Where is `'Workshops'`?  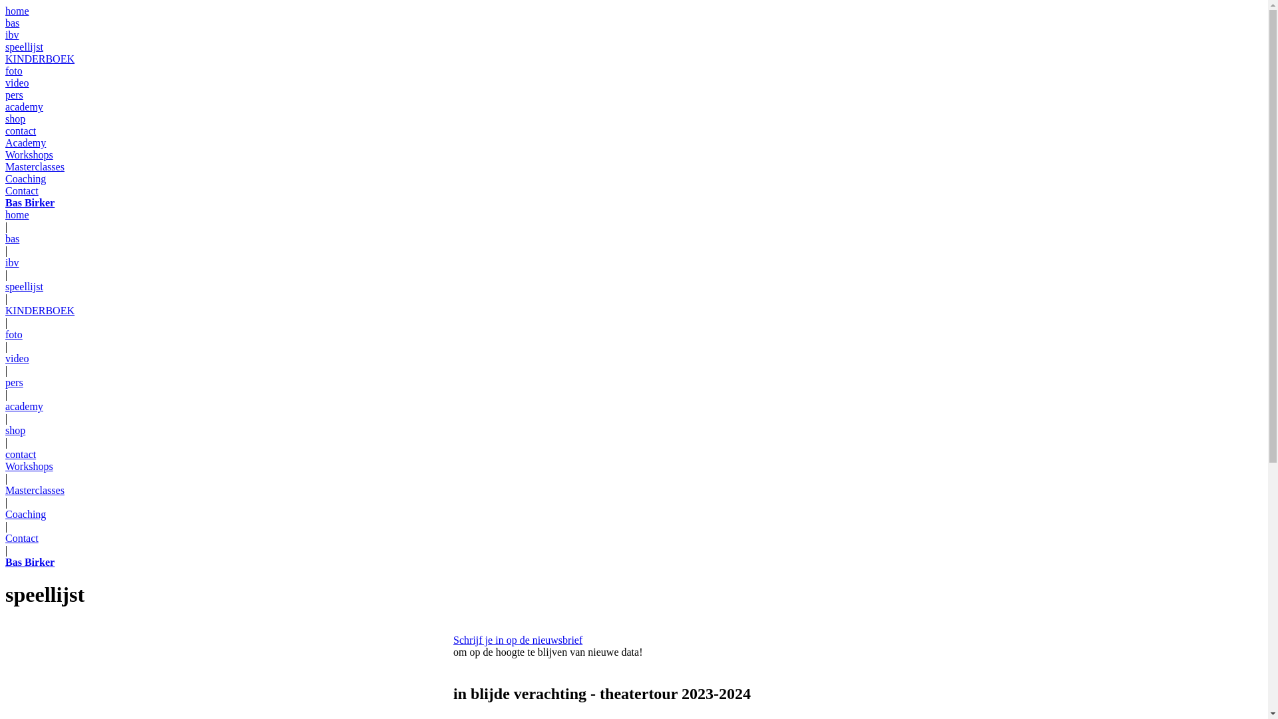 'Workshops' is located at coordinates (29, 465).